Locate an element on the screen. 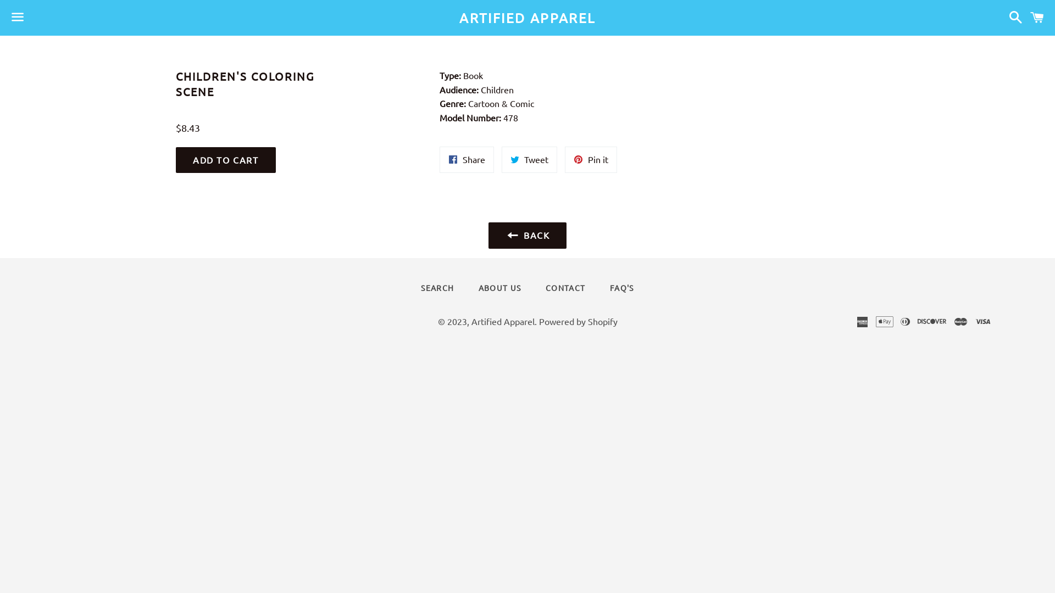 The image size is (1055, 593). 'Tweet is located at coordinates (529, 159).